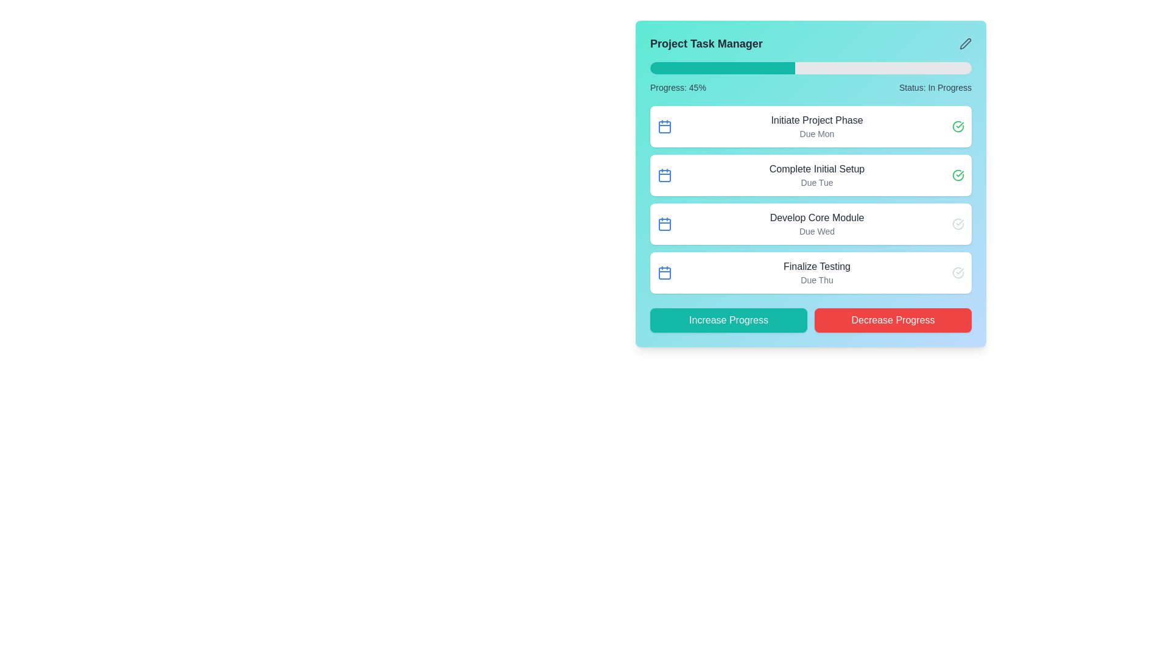 Image resolution: width=1169 pixels, height=658 pixels. What do you see at coordinates (817, 183) in the screenshot?
I see `the informational label indicating the due date ('Tuesday') for the task 'Complete Initial Setup', located in the second row of the task list` at bounding box center [817, 183].